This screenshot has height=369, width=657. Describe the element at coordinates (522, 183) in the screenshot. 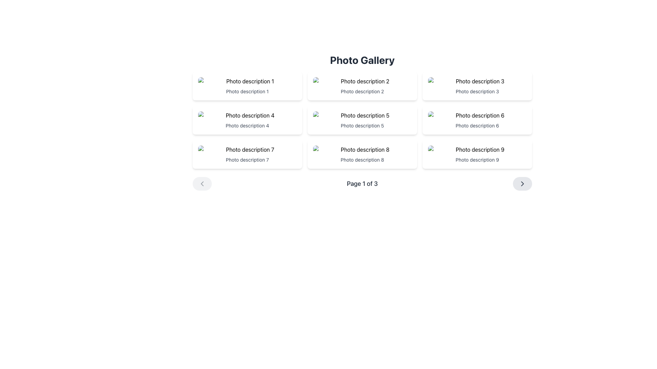

I see `the 'Next Page' button located on the right side of the pagination bar below the gallery` at that location.